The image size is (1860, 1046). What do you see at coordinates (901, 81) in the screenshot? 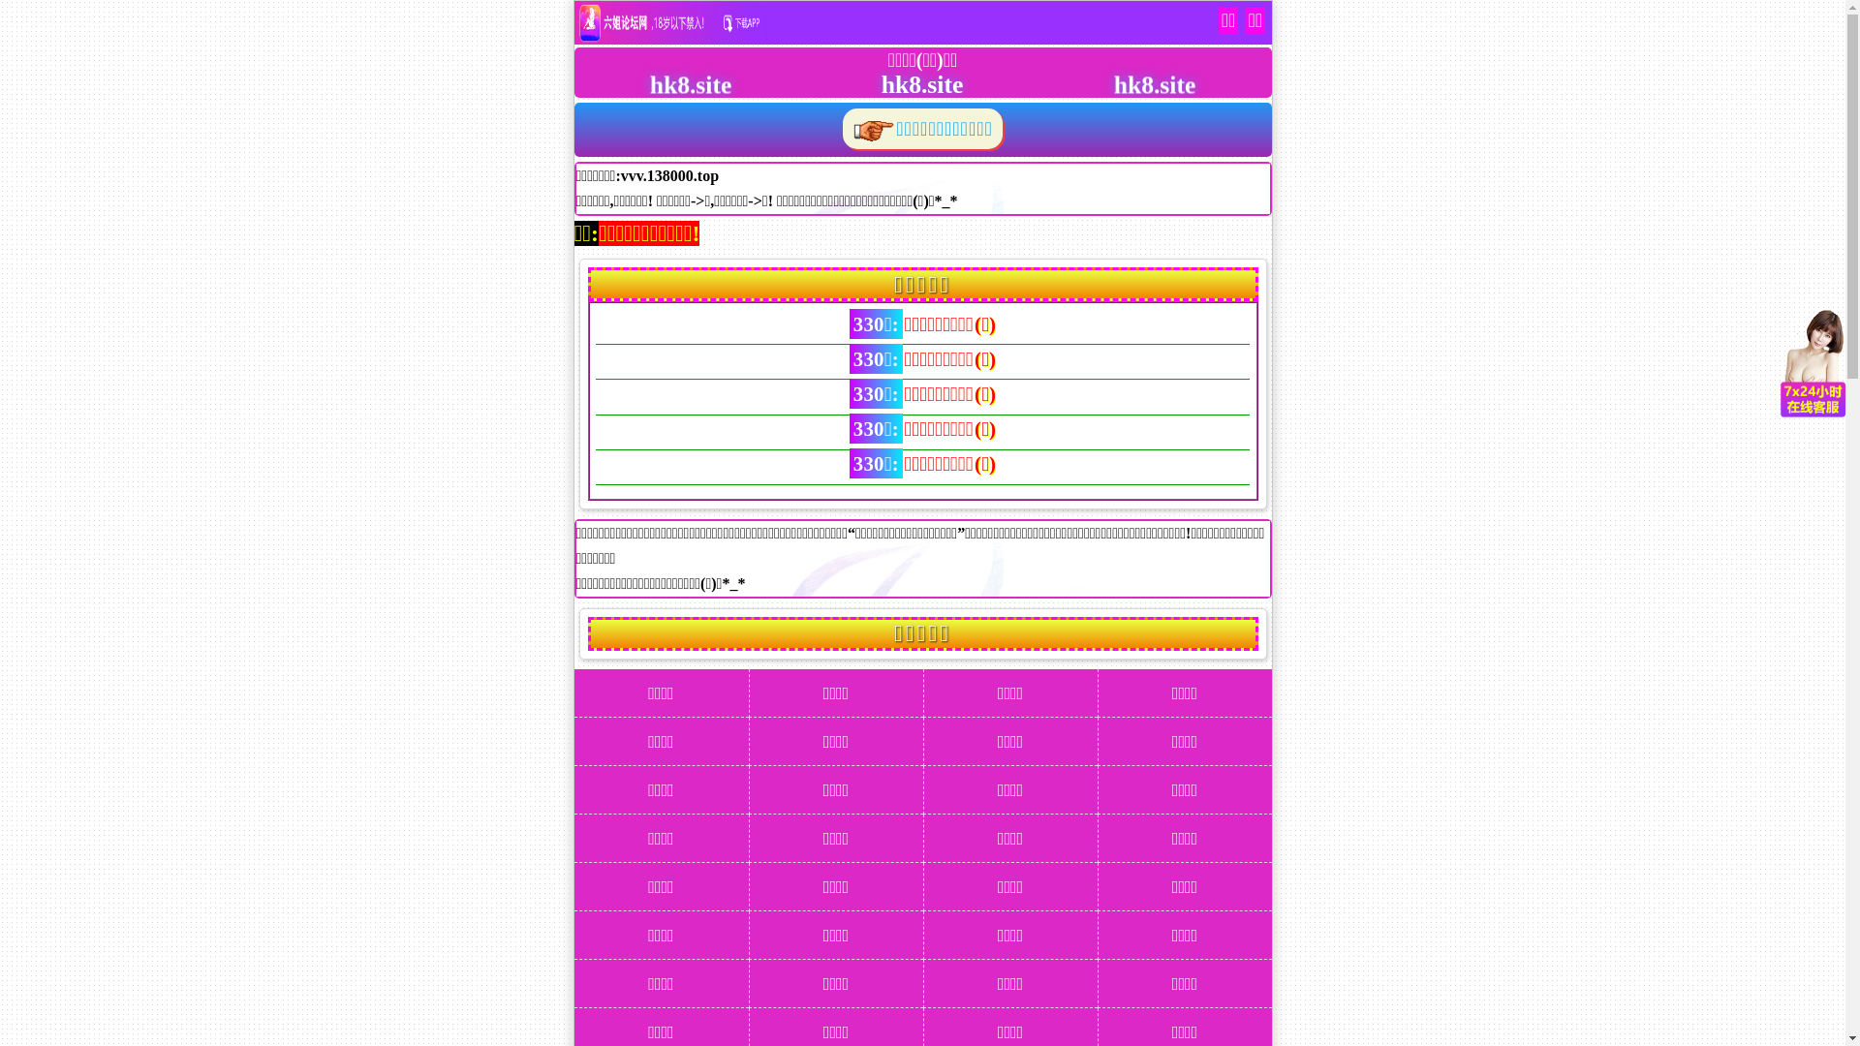
I see `'hk8.site'` at bounding box center [901, 81].